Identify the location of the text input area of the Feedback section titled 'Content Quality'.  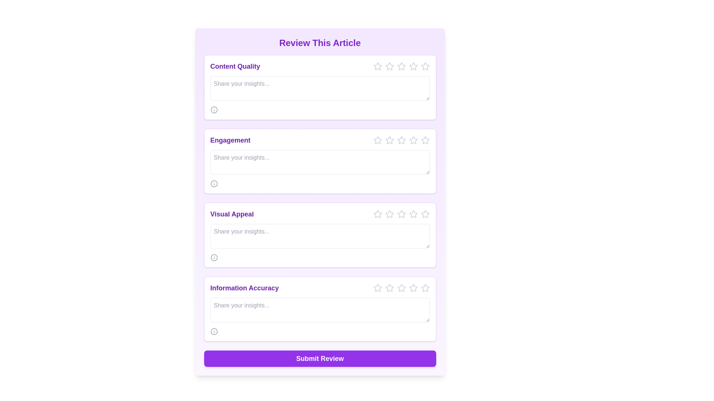
(320, 87).